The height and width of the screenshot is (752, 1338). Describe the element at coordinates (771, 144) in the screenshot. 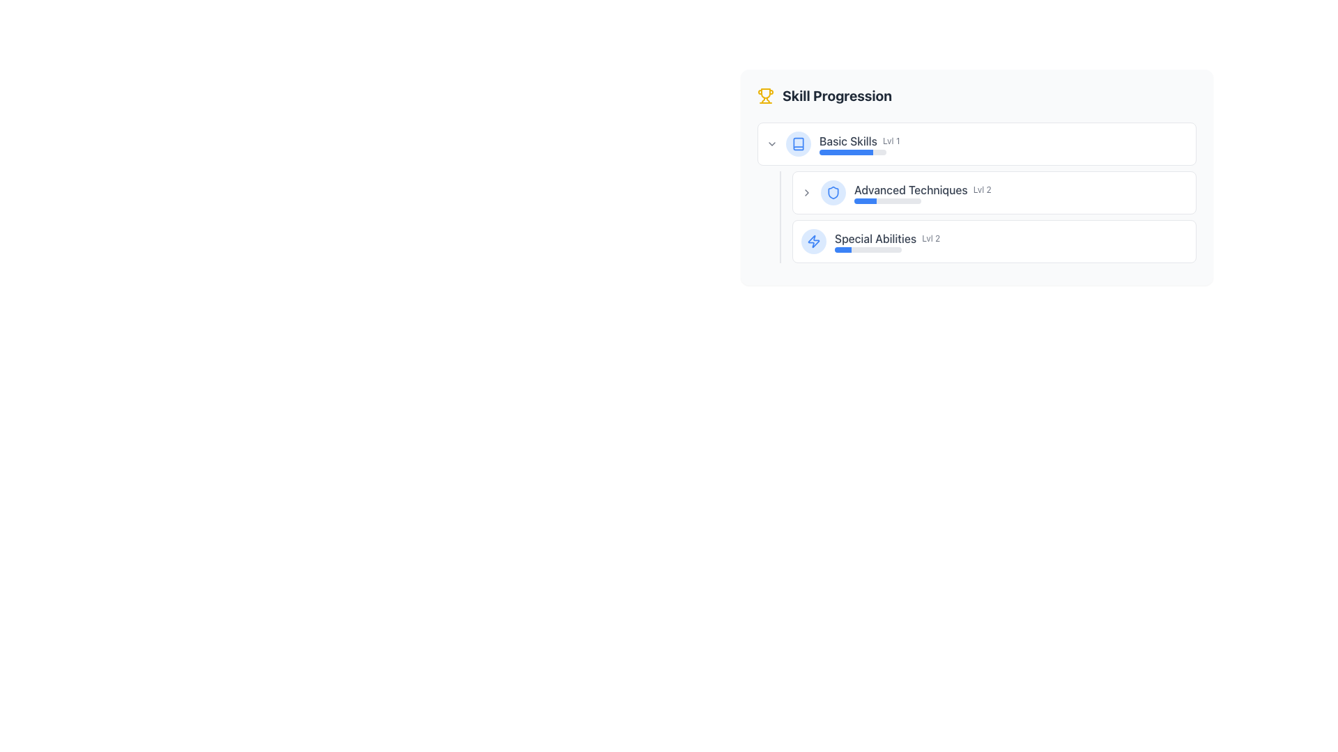

I see `the Dropdown toggle button located in the top-right corner of the 'Basic Skills Lvl 1' card` at that location.